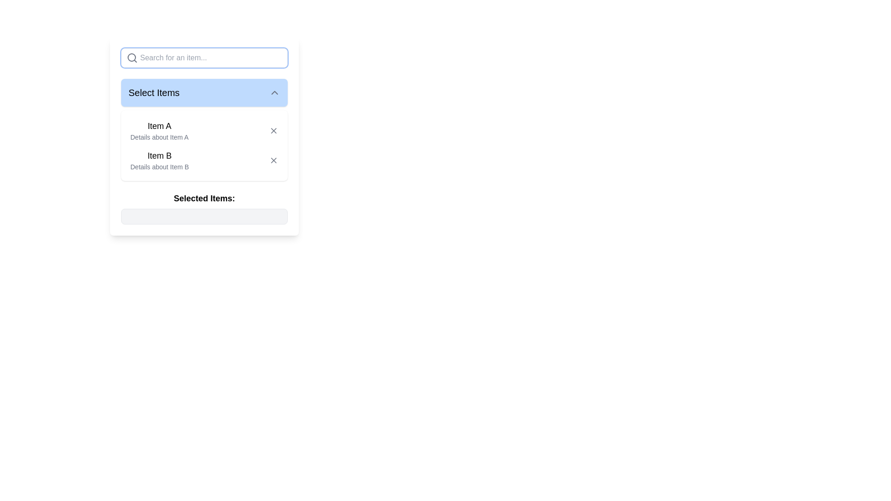  What do you see at coordinates (159, 137) in the screenshot?
I see `the text label displaying 'Details about Item A', which is located below the primary label 'Item A' and is positioned in the upper central area of the interface` at bounding box center [159, 137].